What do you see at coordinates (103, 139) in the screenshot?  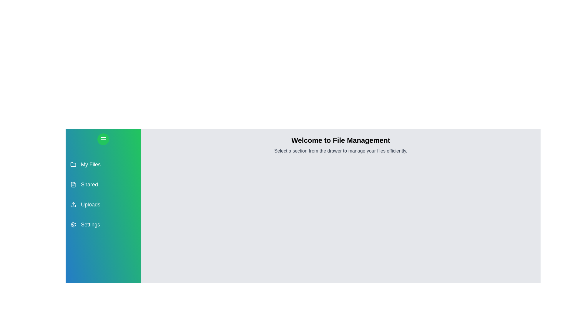 I see `the circular toggle button with the menu icon to toggle the drawer's state` at bounding box center [103, 139].